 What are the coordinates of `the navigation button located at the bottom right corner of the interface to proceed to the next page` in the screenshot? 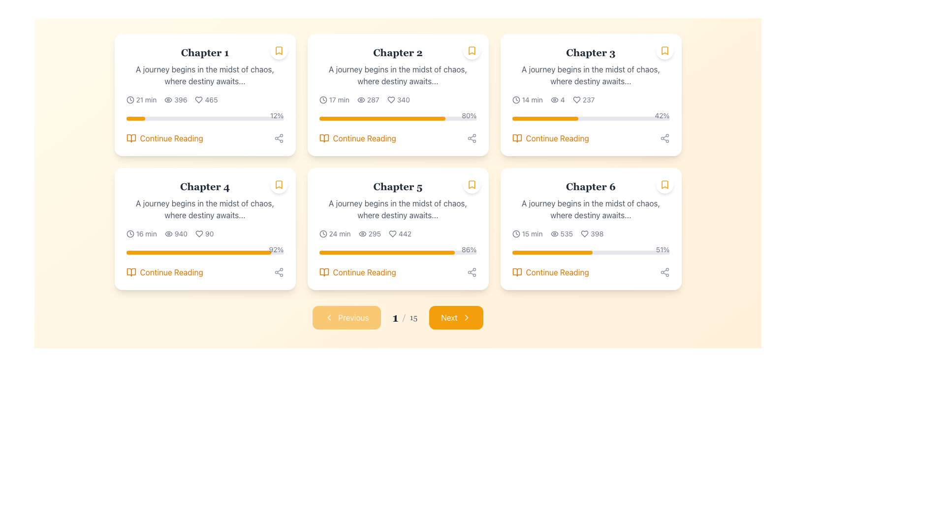 It's located at (455, 317).